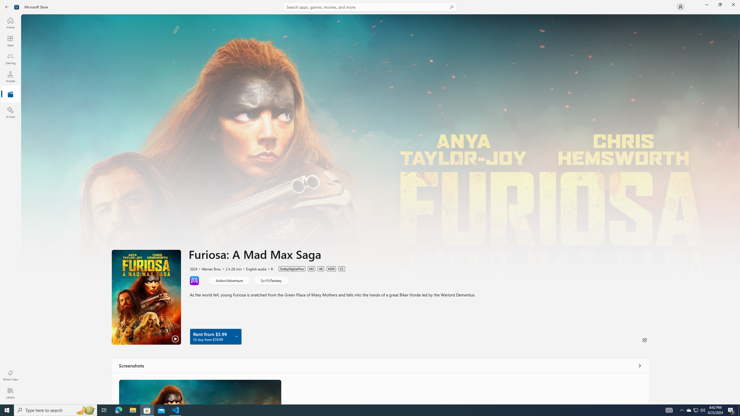  What do you see at coordinates (146, 297) in the screenshot?
I see `'Play Trailer'` at bounding box center [146, 297].